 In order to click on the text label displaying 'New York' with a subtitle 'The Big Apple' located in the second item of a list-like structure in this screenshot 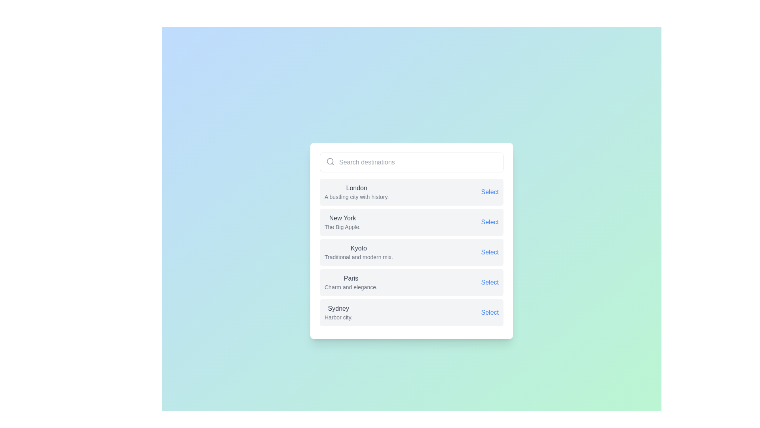, I will do `click(342, 222)`.